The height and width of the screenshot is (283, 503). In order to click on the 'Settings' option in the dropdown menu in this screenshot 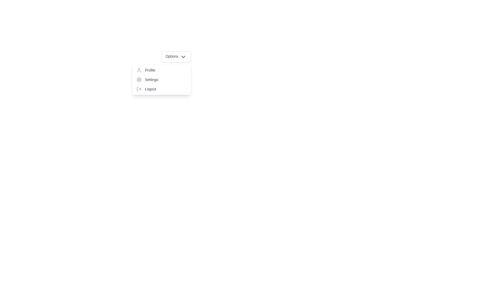, I will do `click(161, 80)`.